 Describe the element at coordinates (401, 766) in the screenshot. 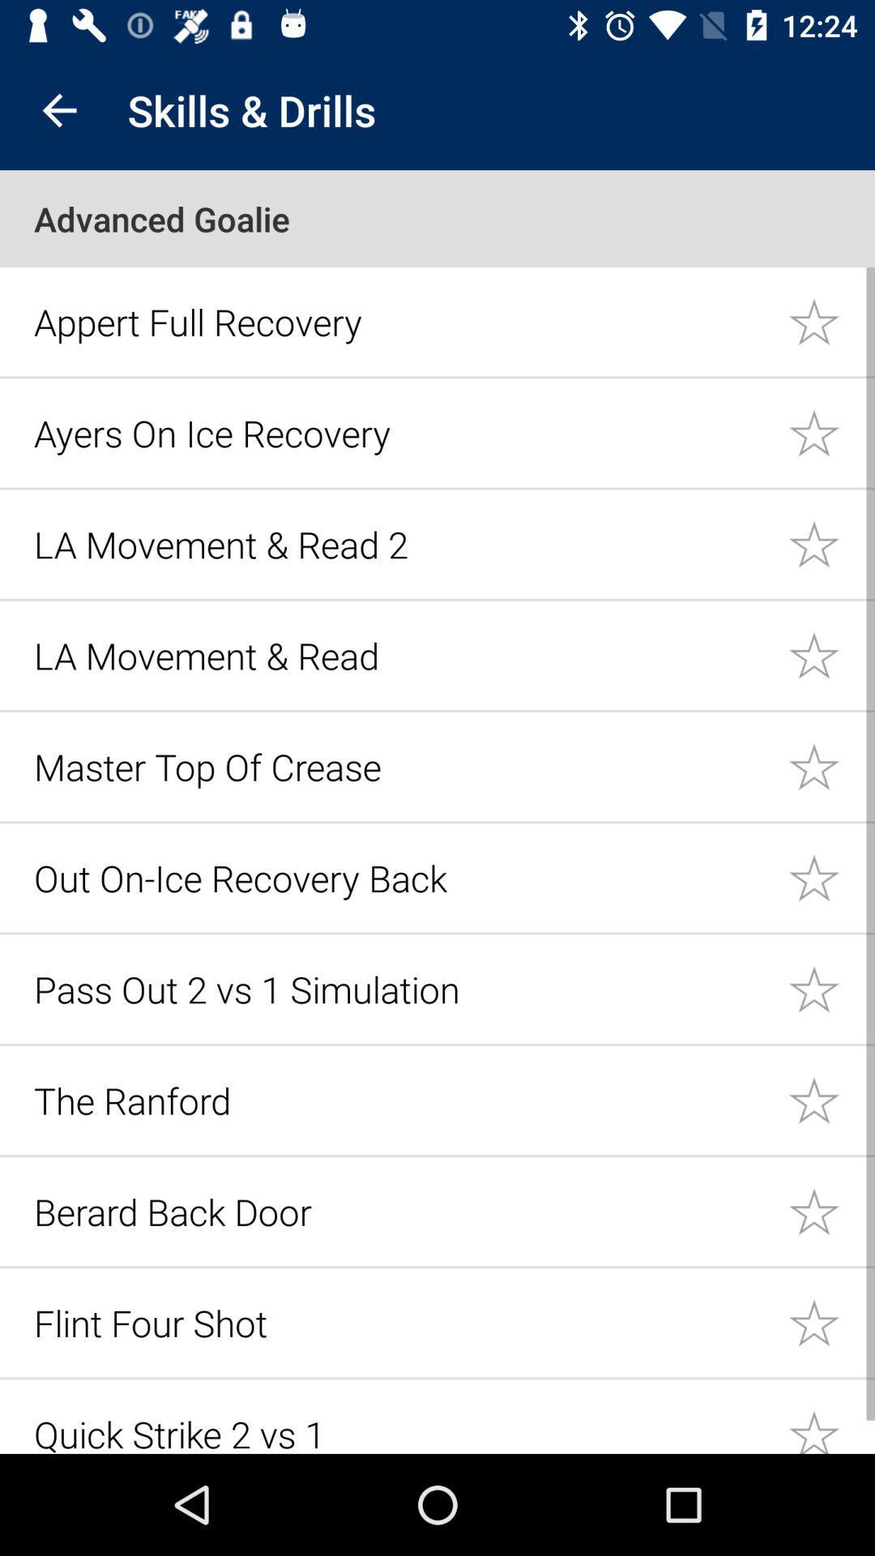

I see `icon above out on ice icon` at that location.